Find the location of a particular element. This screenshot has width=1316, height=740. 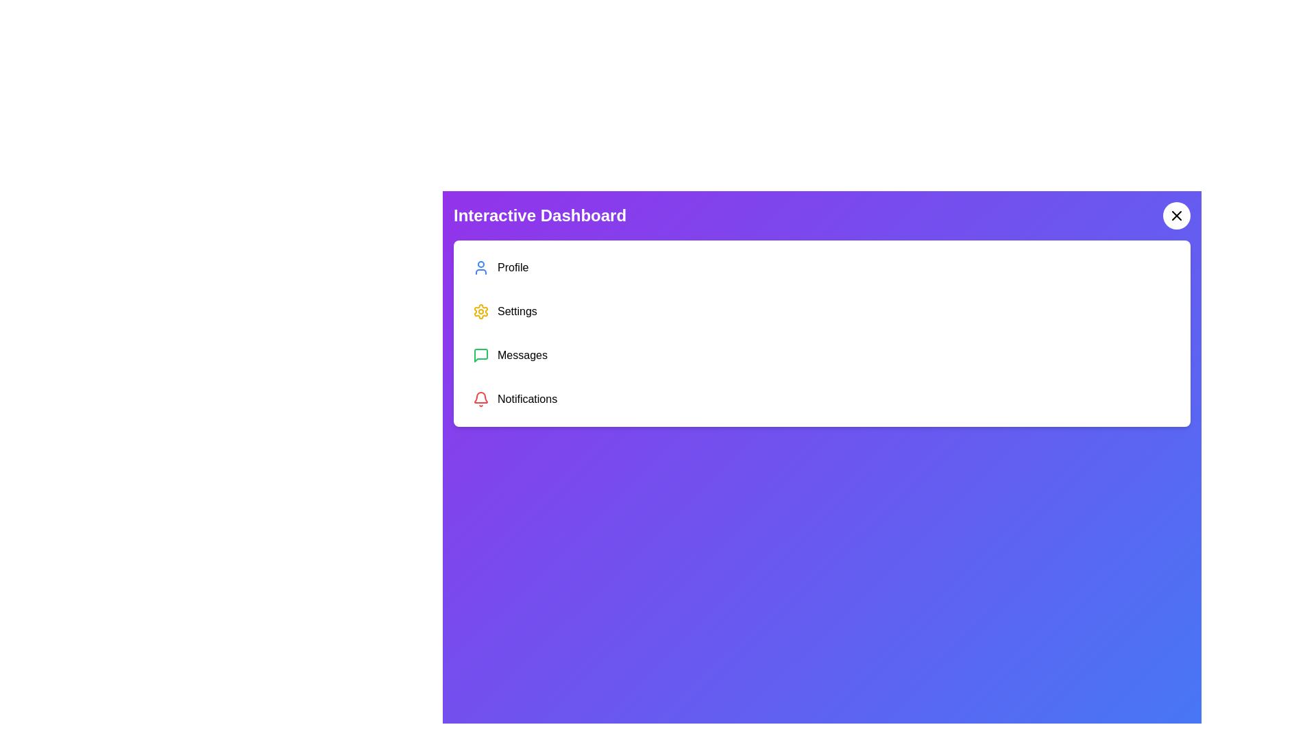

the 'Profile' icon located in the top-left corner of the panel, which is associated with the 'Profile' text label is located at coordinates (480, 267).